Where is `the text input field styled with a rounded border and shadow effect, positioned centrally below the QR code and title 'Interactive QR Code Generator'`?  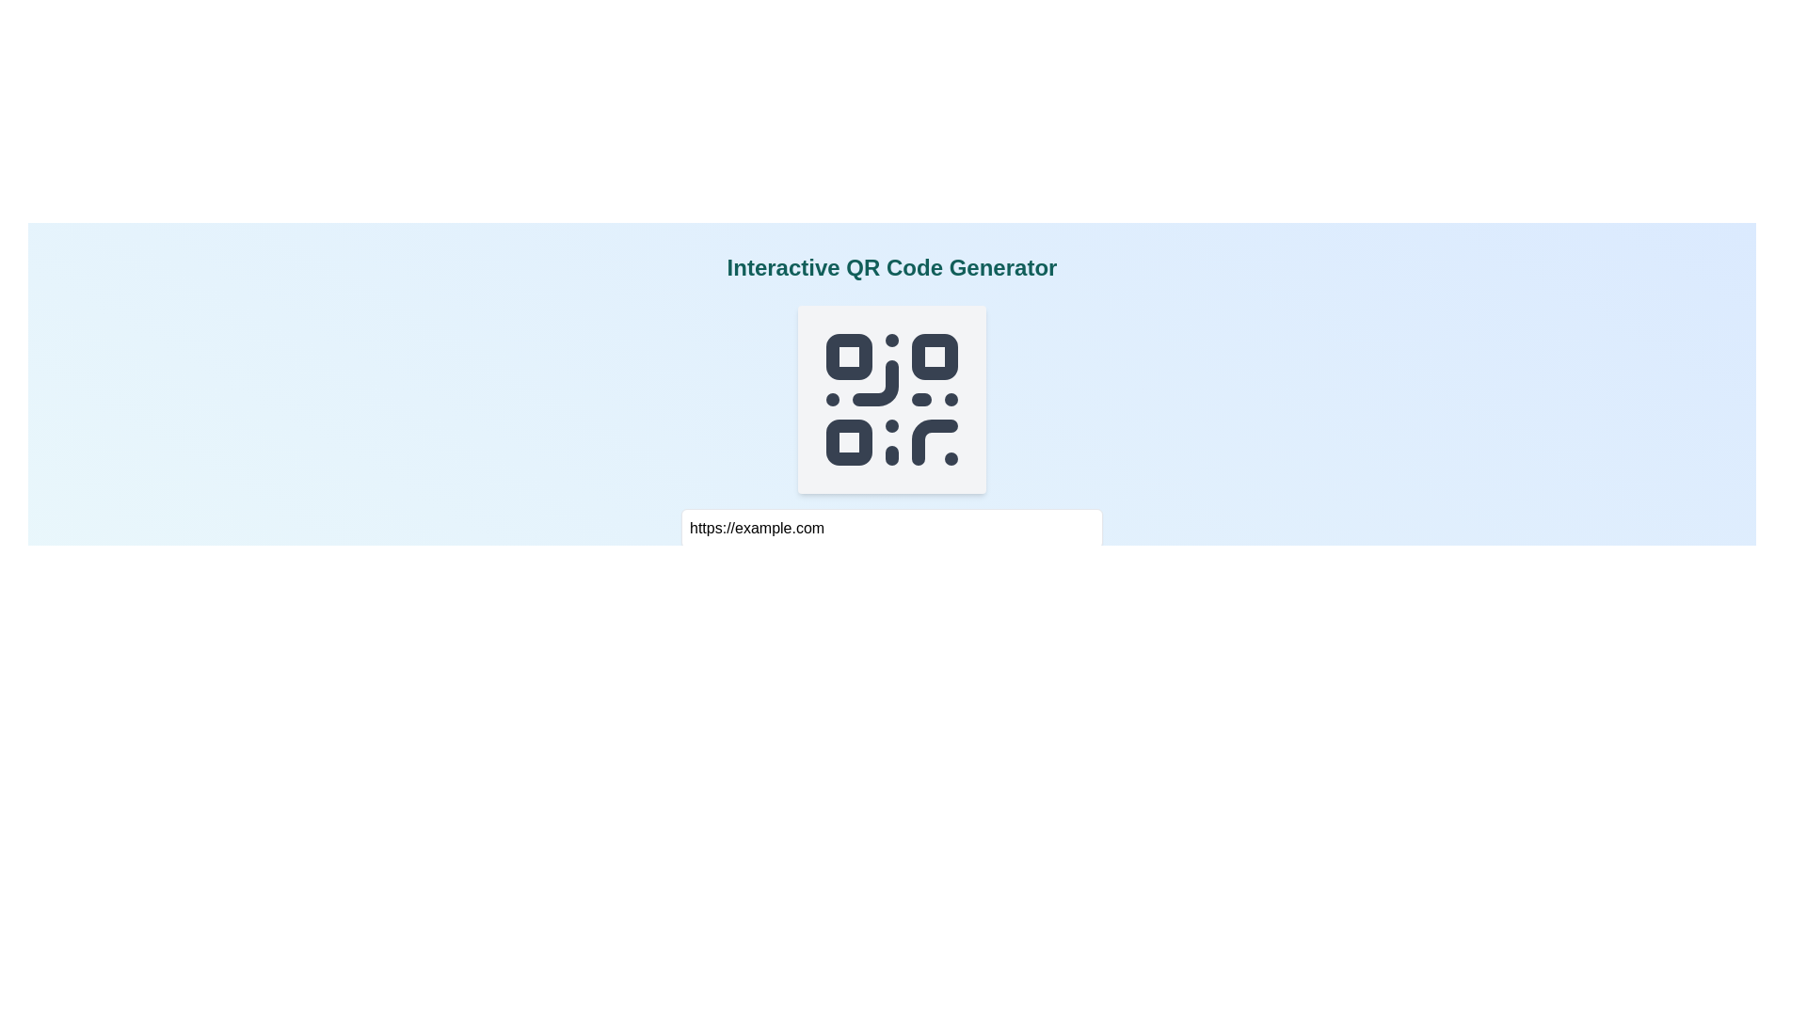 the text input field styled with a rounded border and shadow effect, positioned centrally below the QR code and title 'Interactive QR Code Generator' is located at coordinates (891, 529).